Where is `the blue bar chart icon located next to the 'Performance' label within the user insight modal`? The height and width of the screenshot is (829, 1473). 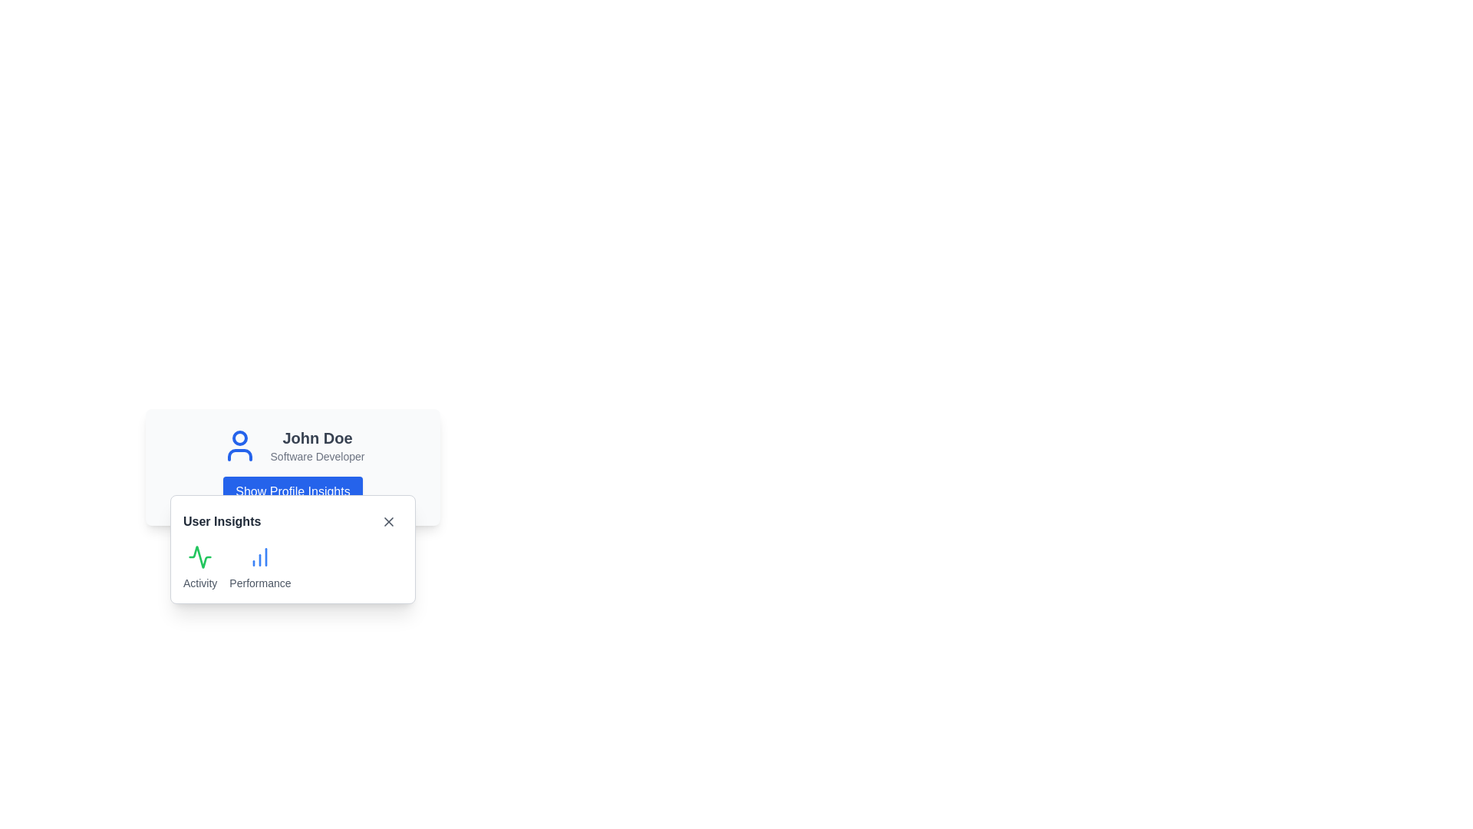 the blue bar chart icon located next to the 'Performance' label within the user insight modal is located at coordinates (260, 557).